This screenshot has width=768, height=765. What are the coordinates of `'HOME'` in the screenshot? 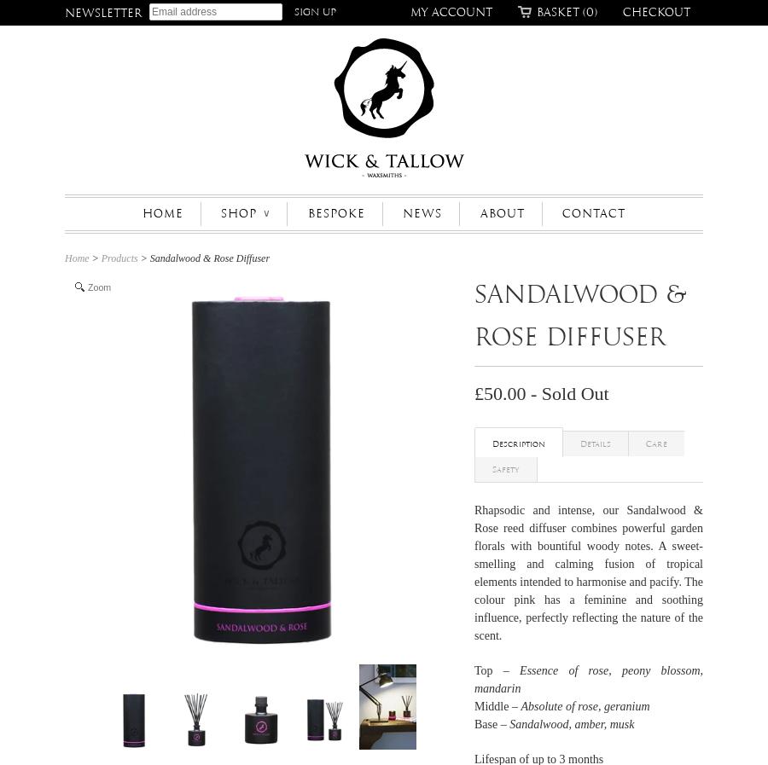 It's located at (161, 212).